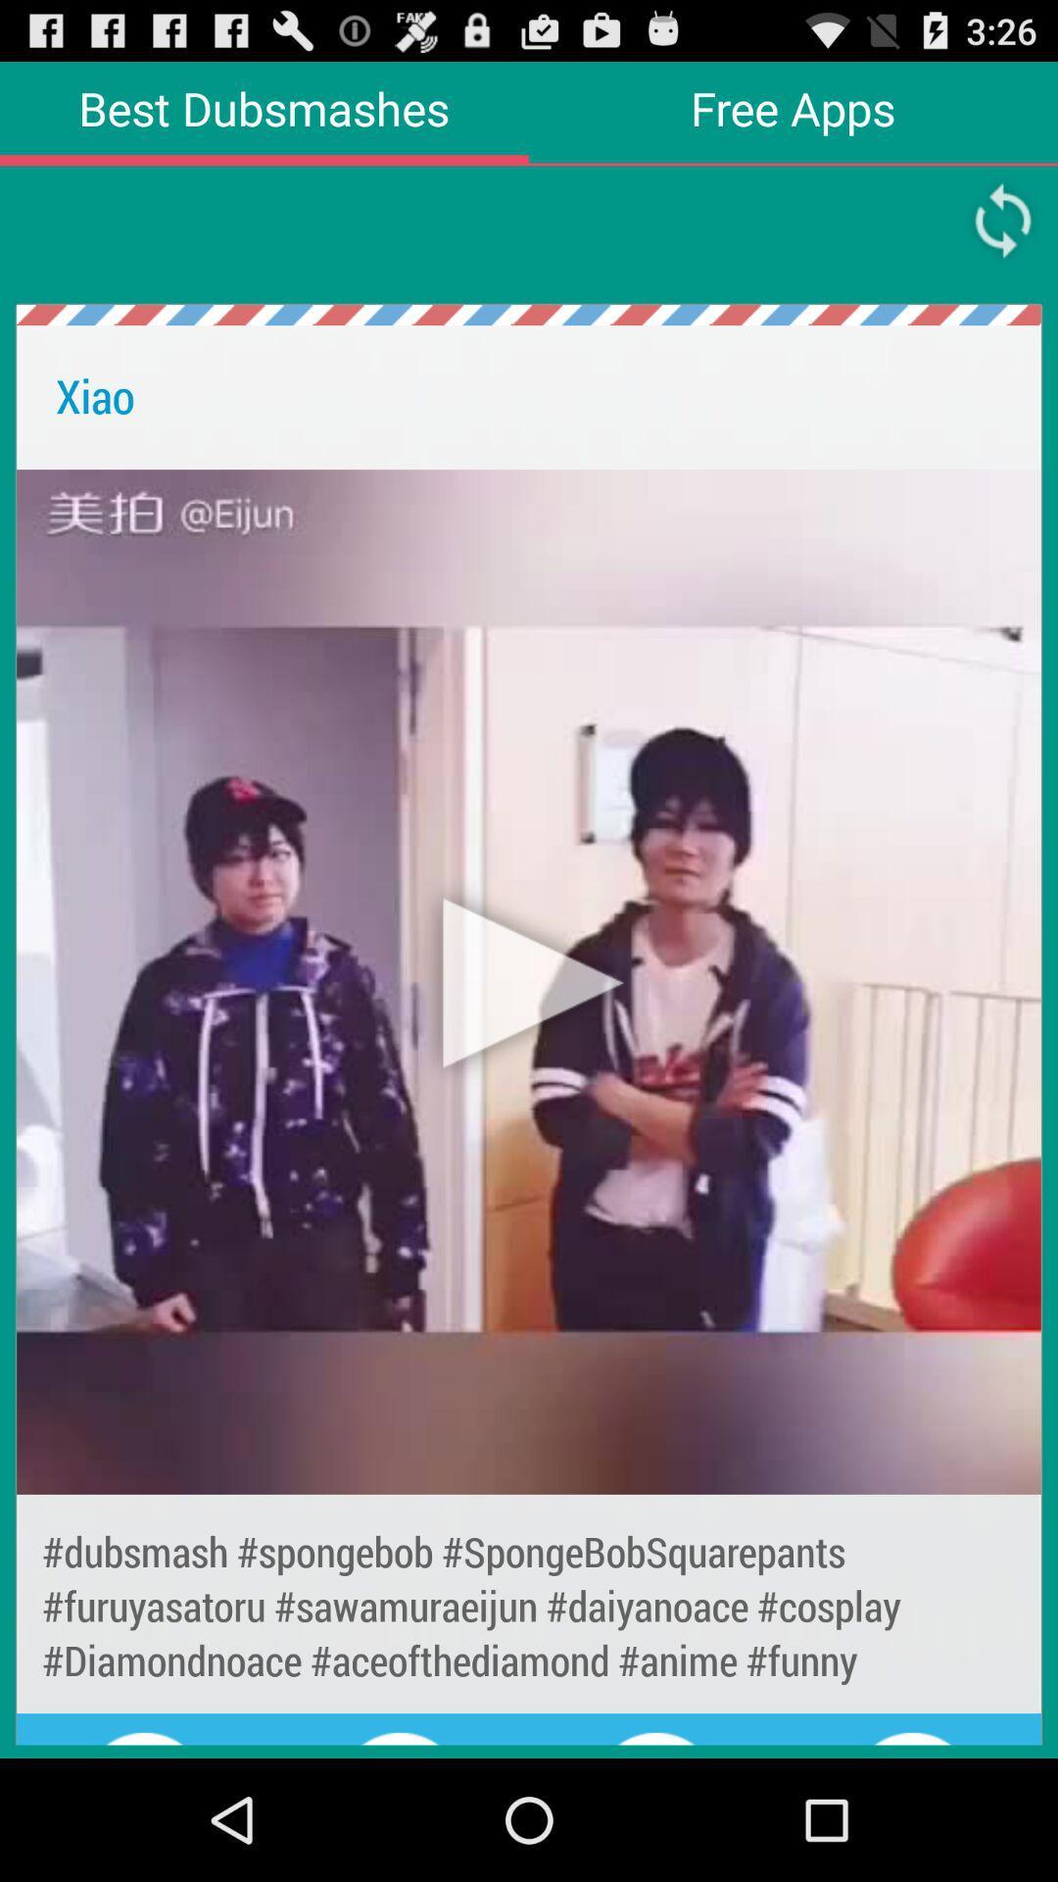 The height and width of the screenshot is (1882, 1058). I want to click on refresh video, so click(1003, 221).